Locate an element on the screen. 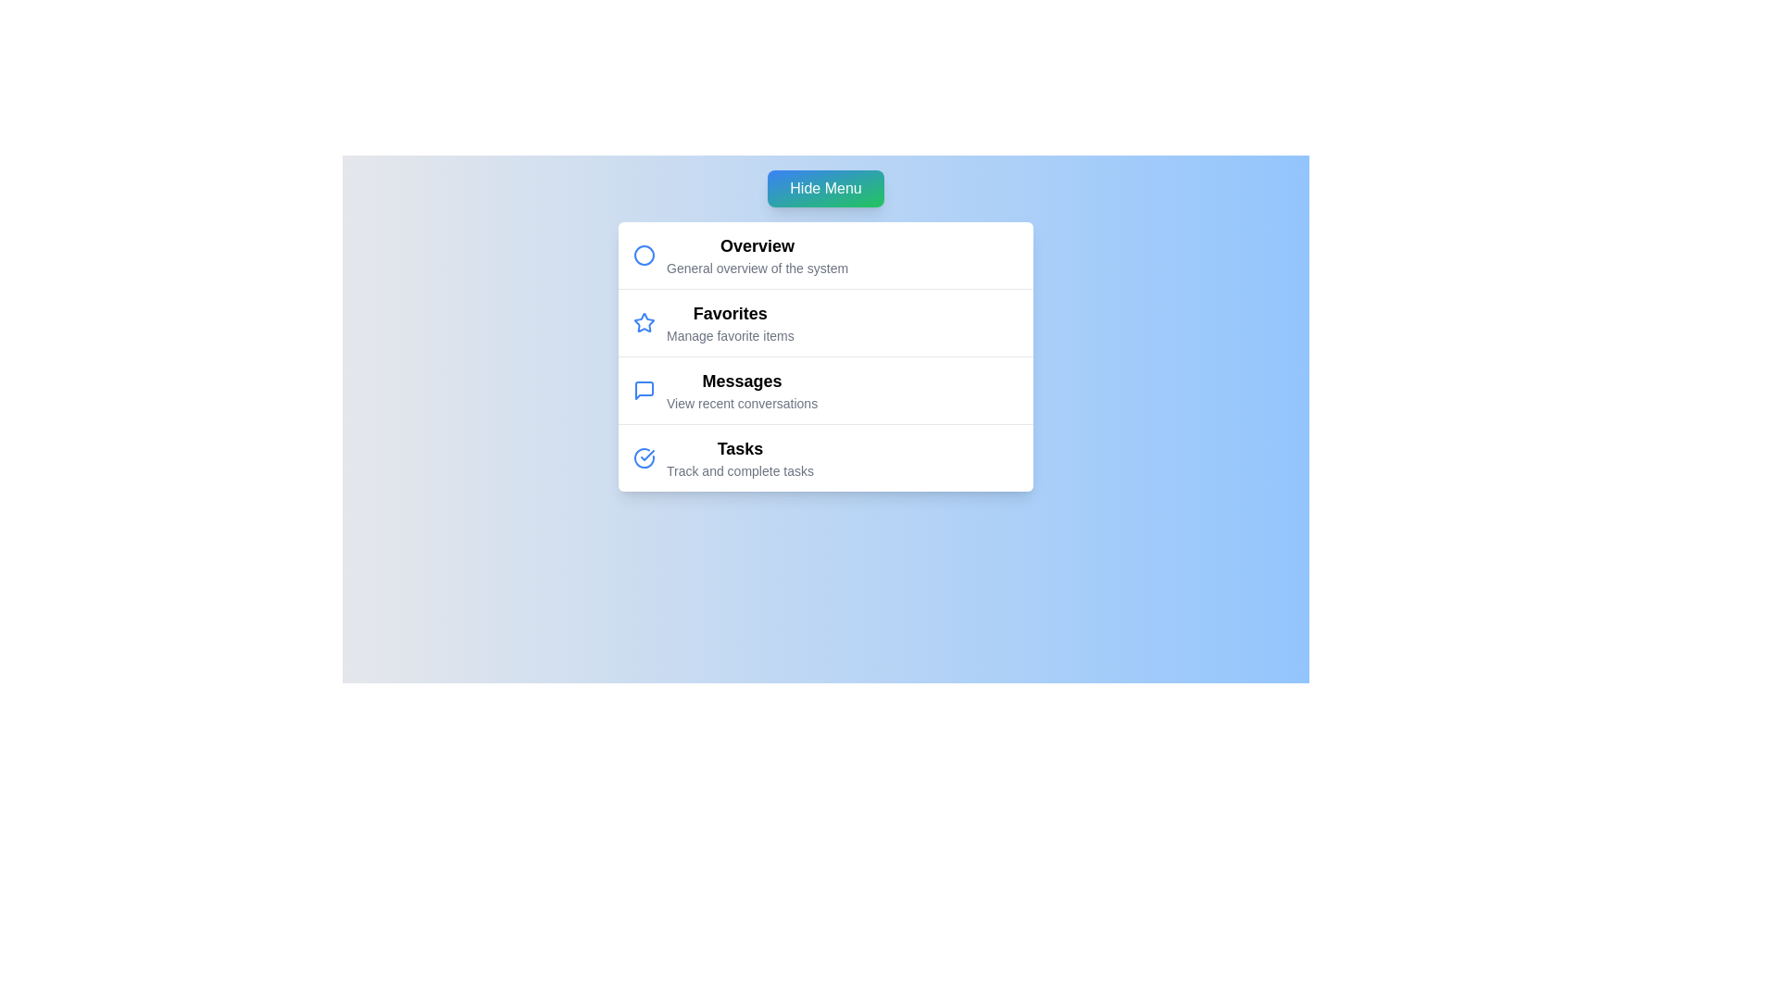 This screenshot has height=1000, width=1778. the 'Hide Menu' button to toggle the menu visibility is located at coordinates (825, 189).